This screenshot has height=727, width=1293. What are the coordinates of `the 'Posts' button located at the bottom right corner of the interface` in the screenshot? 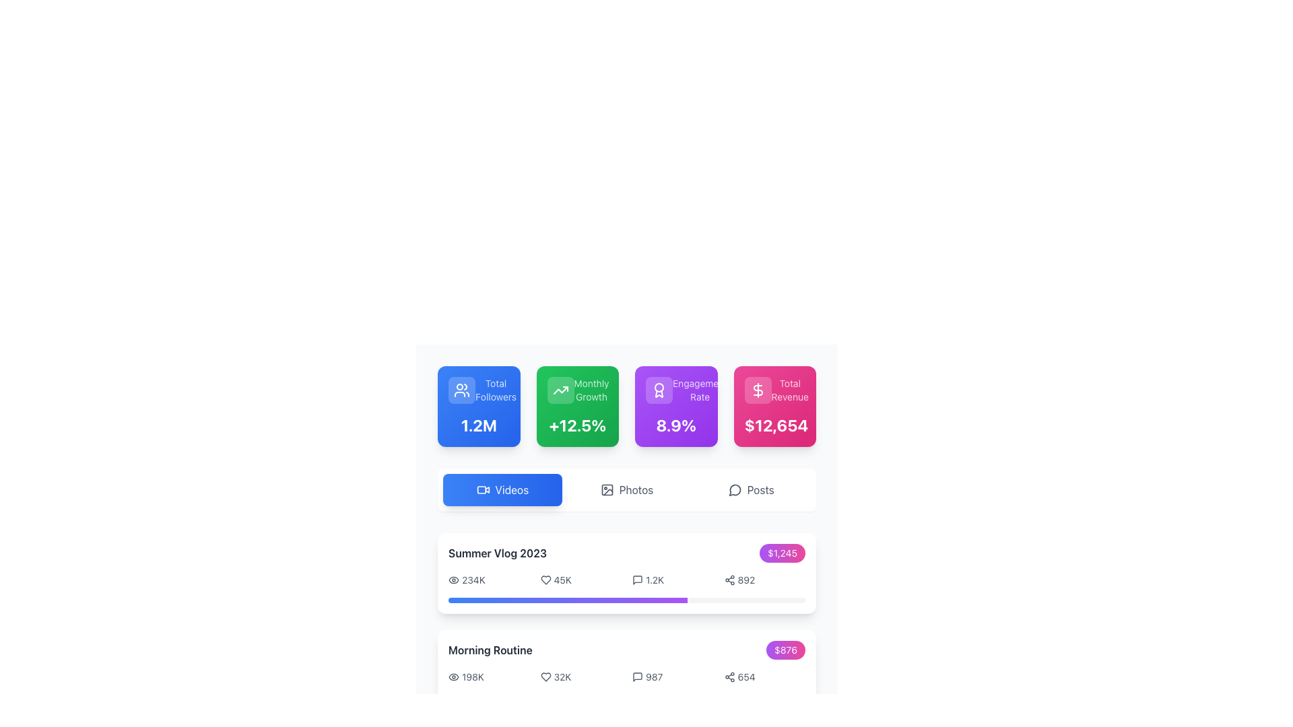 It's located at (750, 490).